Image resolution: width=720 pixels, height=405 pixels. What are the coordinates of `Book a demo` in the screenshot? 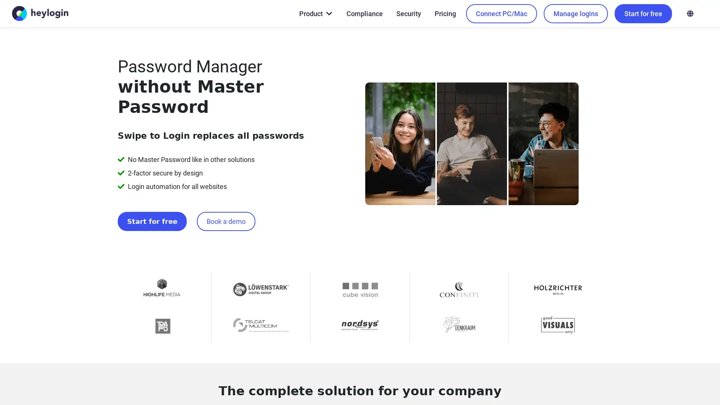 It's located at (214, 201).